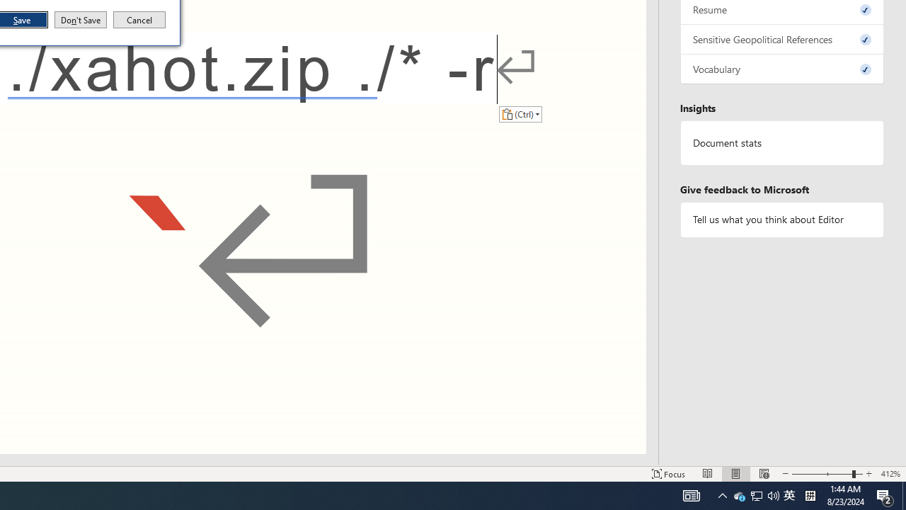 Image resolution: width=906 pixels, height=510 pixels. Describe the element at coordinates (520, 113) in the screenshot. I see `'Action: Paste alternatives'` at that location.